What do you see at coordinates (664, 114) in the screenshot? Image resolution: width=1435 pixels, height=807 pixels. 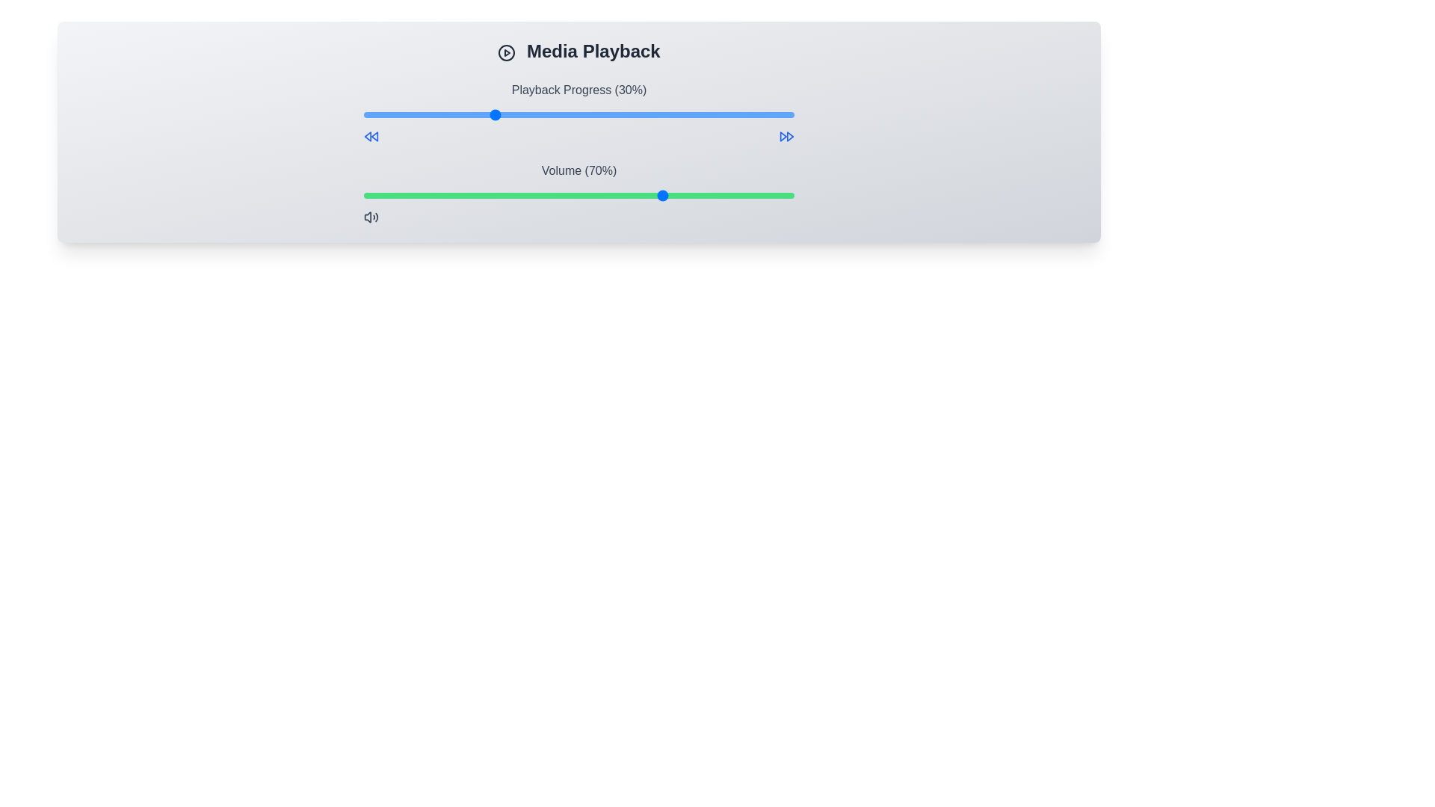 I see `the playback progress to 70% by moving the slider` at bounding box center [664, 114].